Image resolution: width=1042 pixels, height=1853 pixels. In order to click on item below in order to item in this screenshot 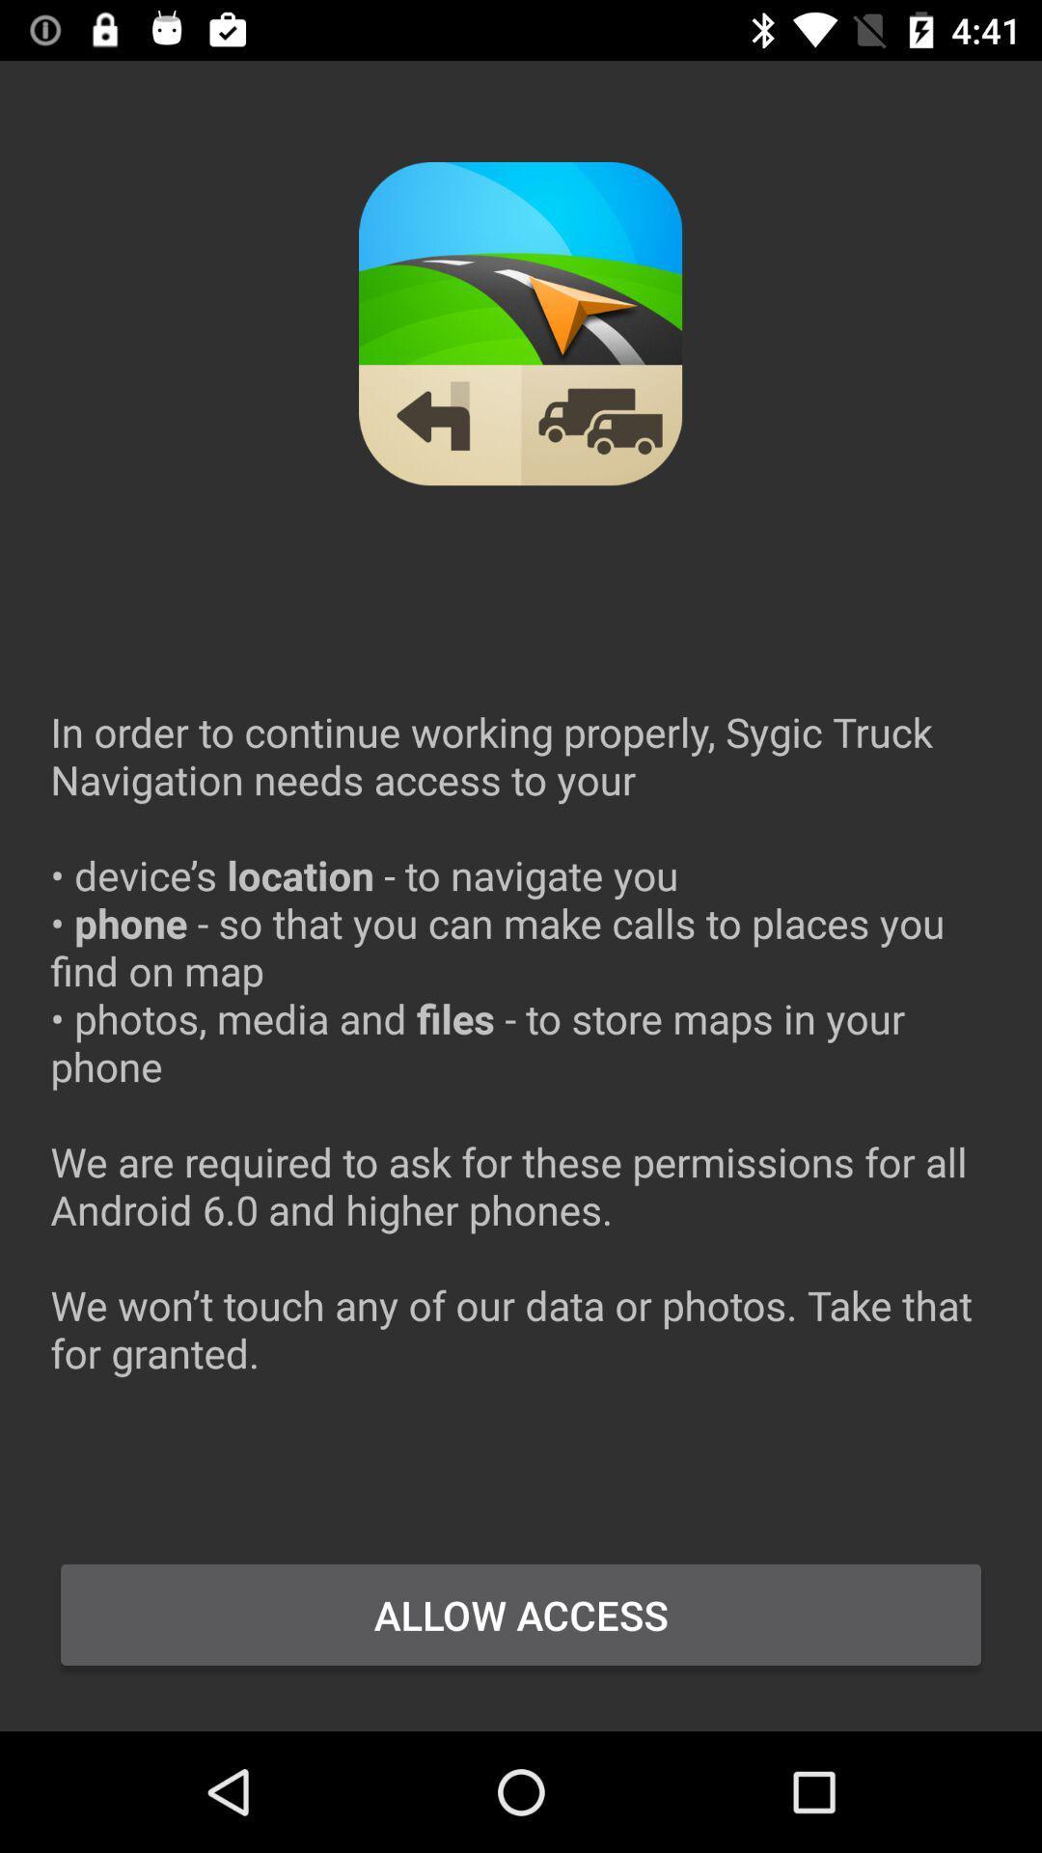, I will do `click(521, 1615)`.